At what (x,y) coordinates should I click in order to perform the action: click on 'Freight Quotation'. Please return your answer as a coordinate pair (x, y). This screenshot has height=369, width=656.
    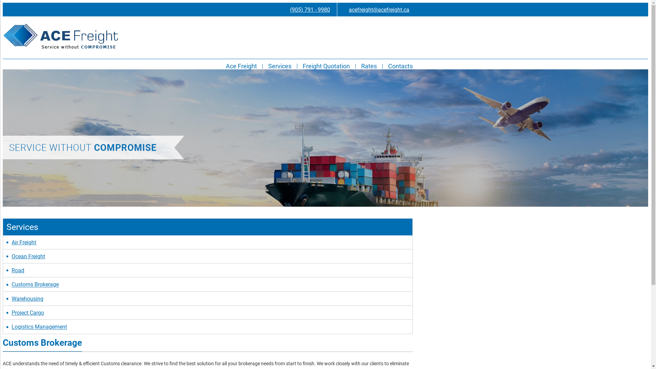
    Looking at the image, I should click on (326, 66).